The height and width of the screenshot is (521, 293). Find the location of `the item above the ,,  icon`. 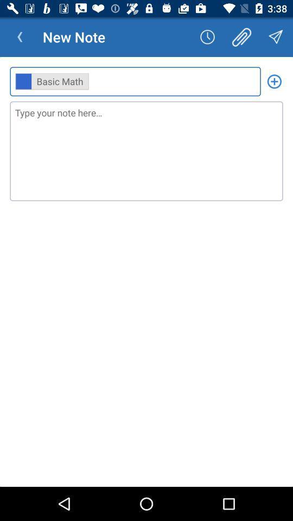

the item above the ,,  icon is located at coordinates (20, 37).